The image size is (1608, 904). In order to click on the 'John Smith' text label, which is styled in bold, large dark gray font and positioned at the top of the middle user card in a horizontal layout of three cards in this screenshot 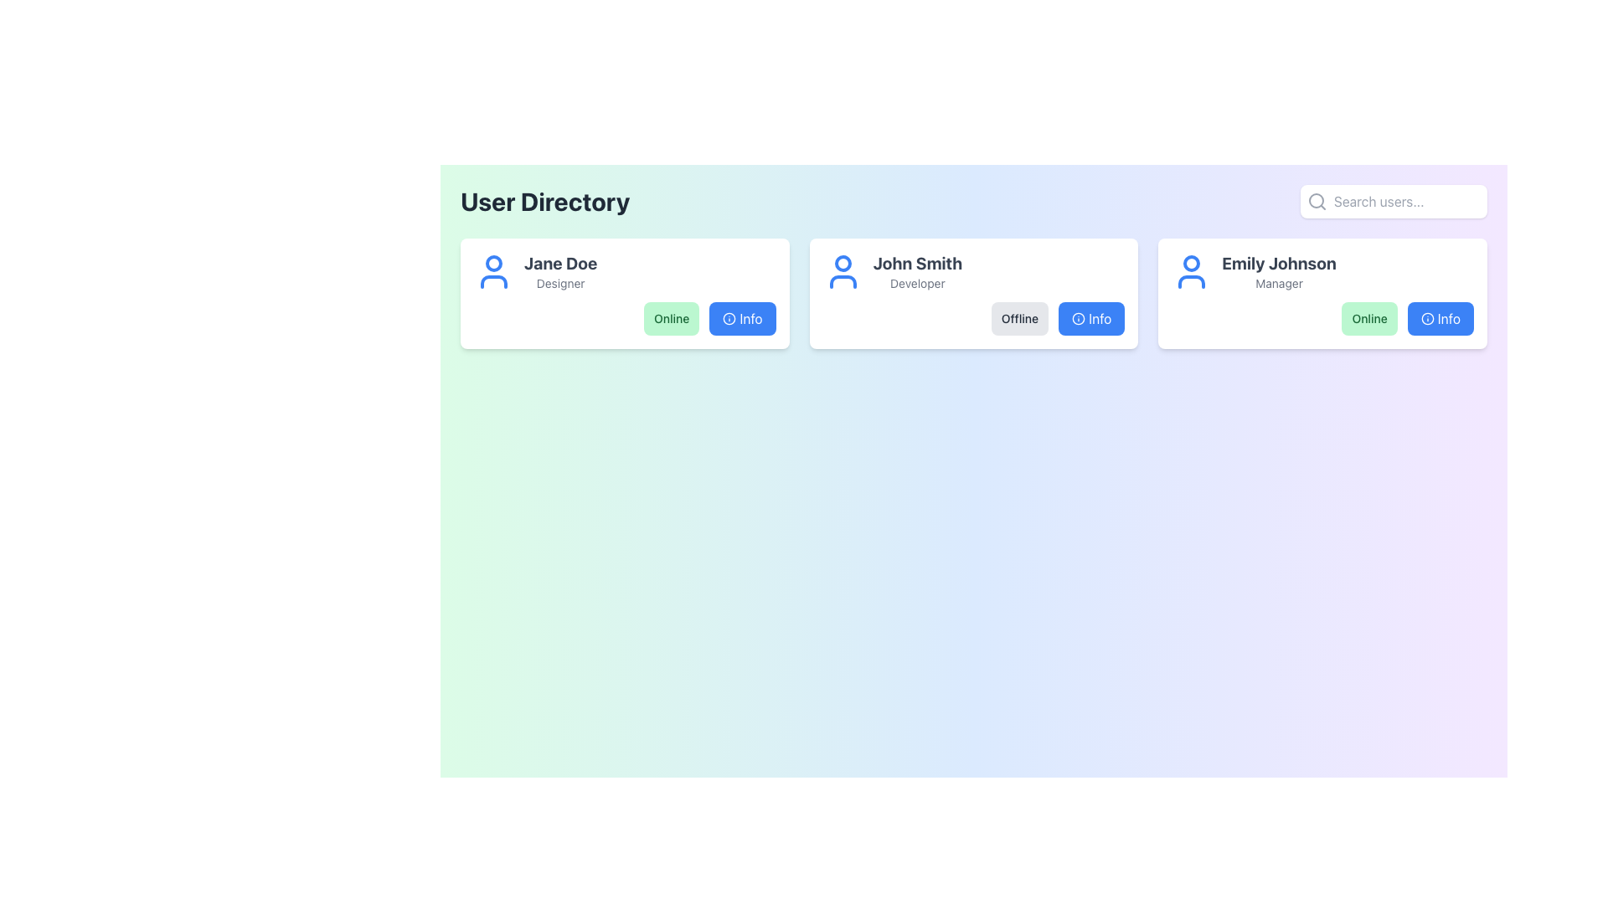, I will do `click(916, 264)`.